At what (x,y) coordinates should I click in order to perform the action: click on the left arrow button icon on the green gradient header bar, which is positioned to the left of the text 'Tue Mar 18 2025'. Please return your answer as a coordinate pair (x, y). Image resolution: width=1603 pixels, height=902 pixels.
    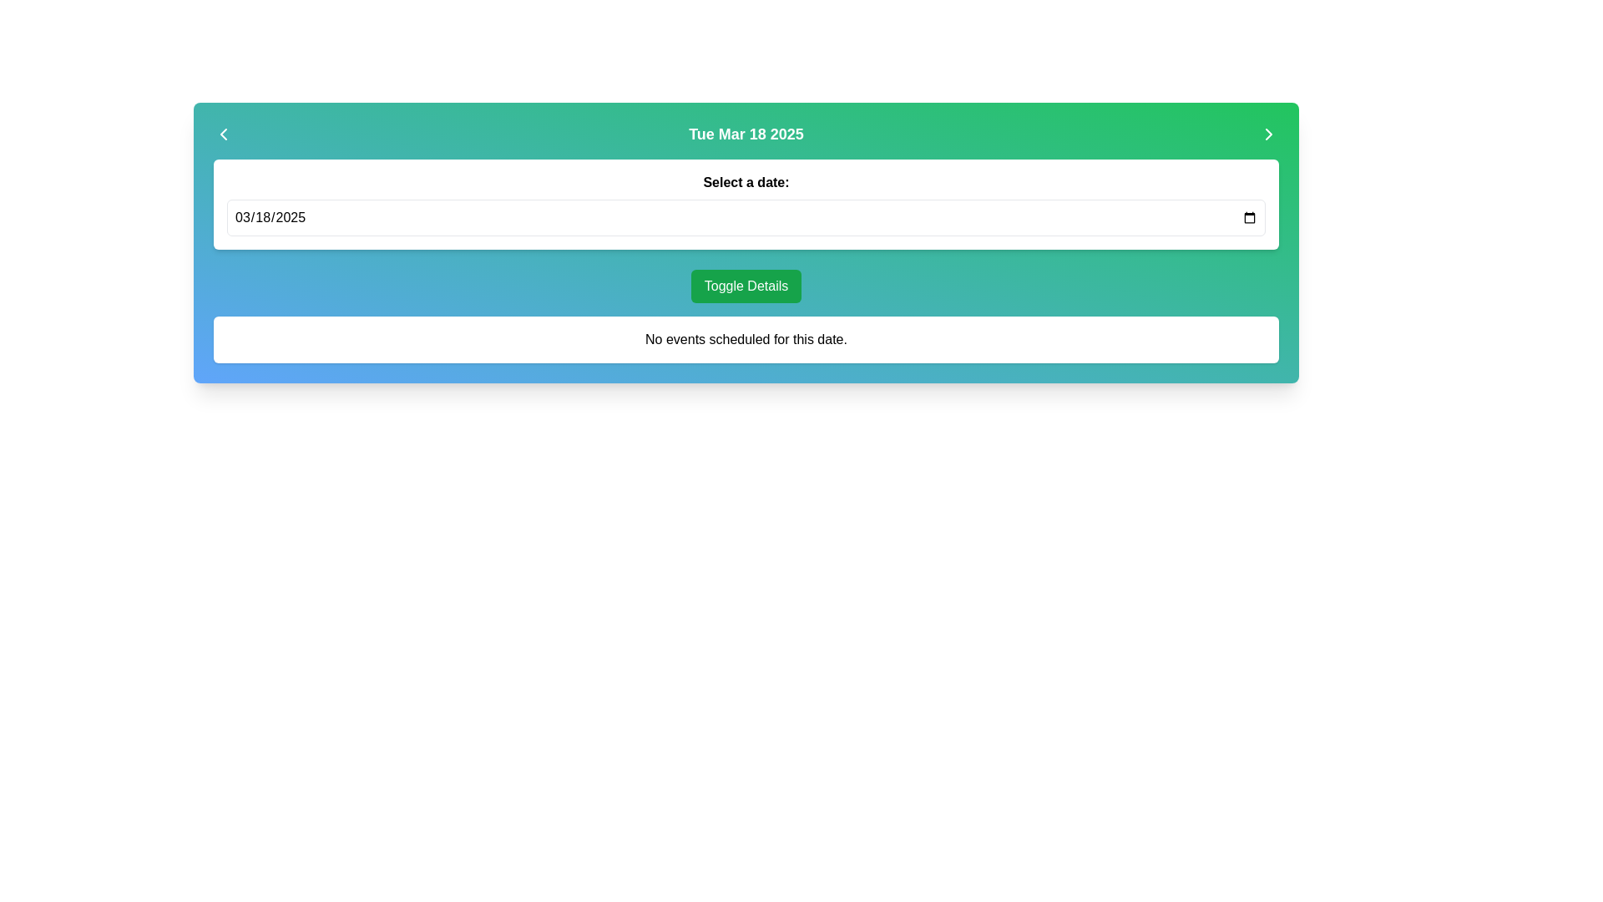
    Looking at the image, I should click on (223, 134).